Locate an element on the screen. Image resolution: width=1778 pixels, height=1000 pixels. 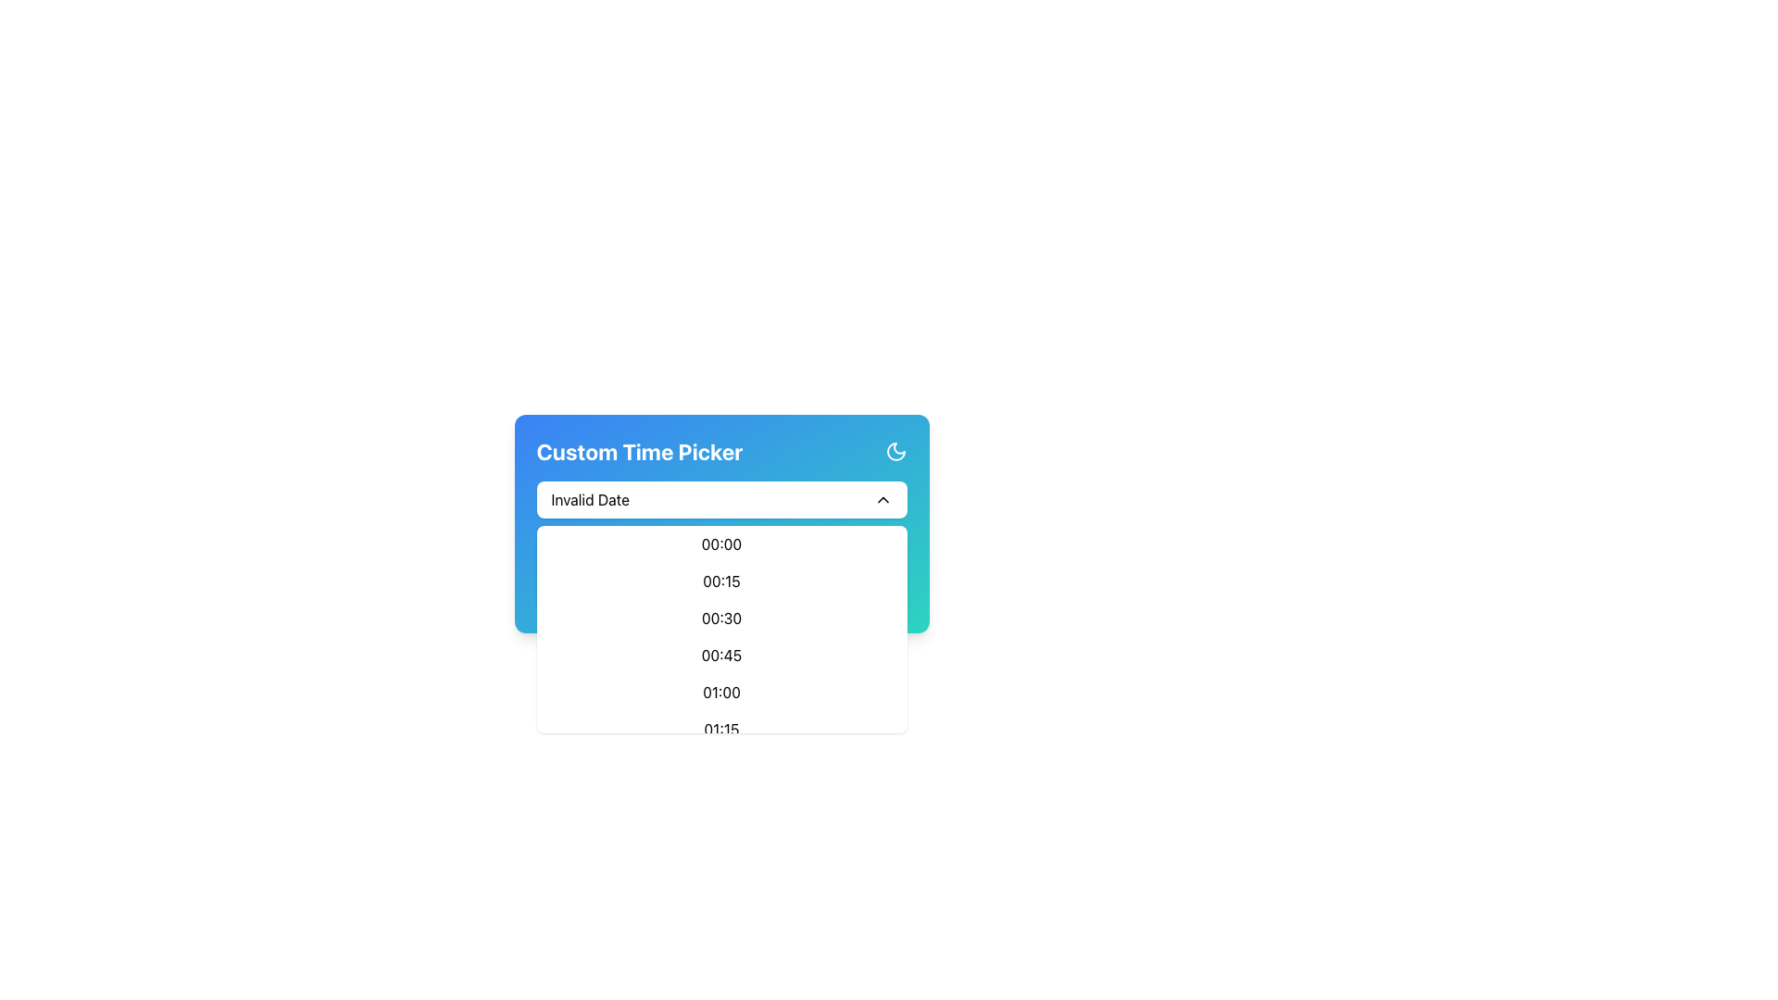
the moon icon located in the top-right corner of the blue gradient rectangular area containing the text 'Custom Time Picker' is located at coordinates (895, 452).